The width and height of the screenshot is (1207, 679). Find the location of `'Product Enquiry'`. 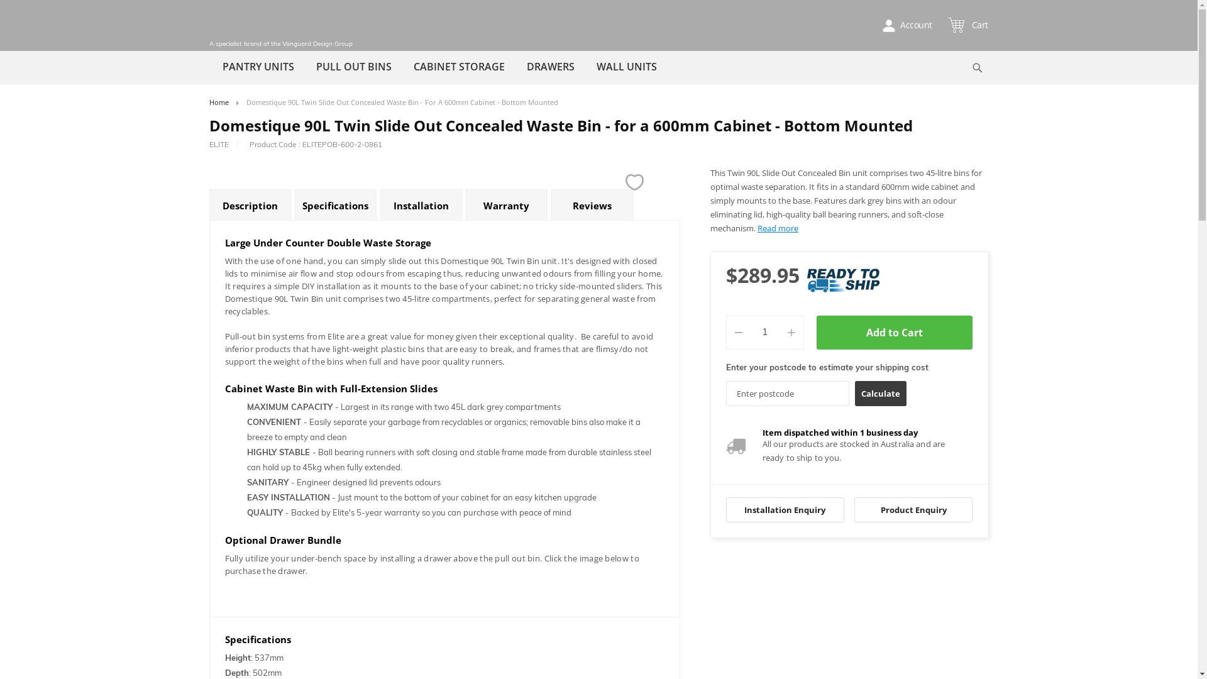

'Product Enquiry' is located at coordinates (913, 509).